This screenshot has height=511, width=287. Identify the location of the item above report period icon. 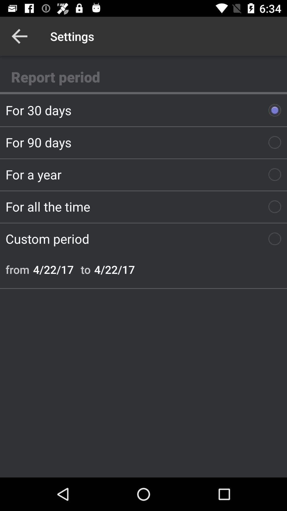
(19, 36).